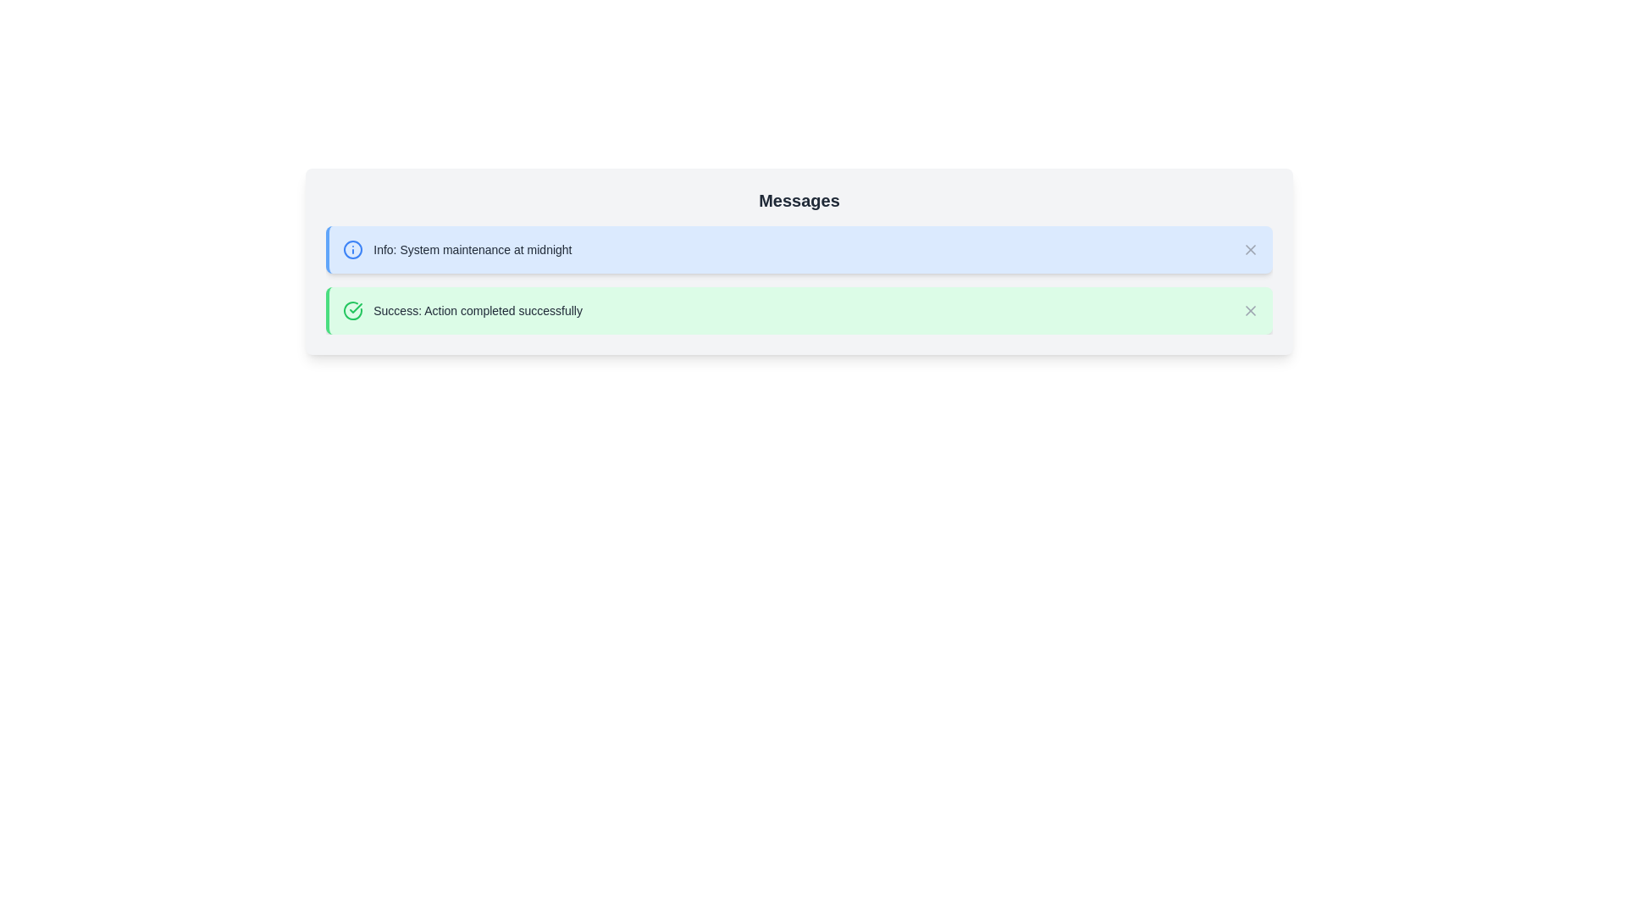 This screenshot has height=915, width=1626. I want to click on the circular icon with a blue border located on the left side of the blue-themed information box labeled 'Info: System maintenance at midnight', so click(352, 249).